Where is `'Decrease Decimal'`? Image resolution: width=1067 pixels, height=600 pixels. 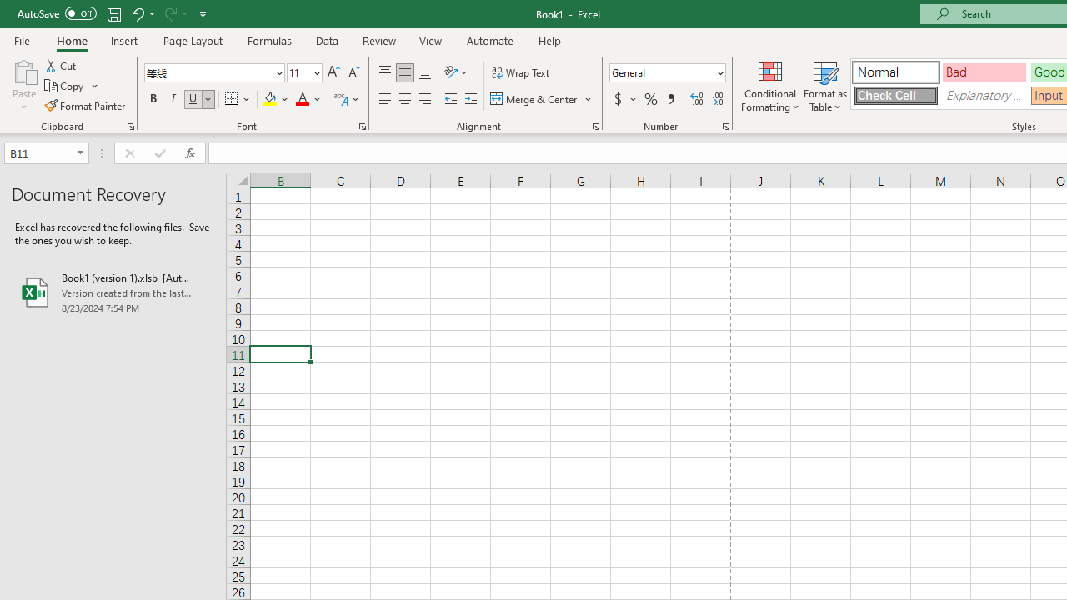
'Decrease Decimal' is located at coordinates (716, 99).